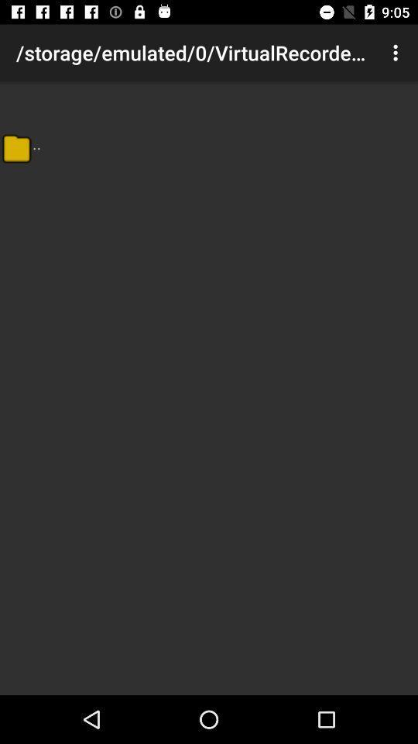 This screenshot has height=744, width=418. Describe the element at coordinates (15, 148) in the screenshot. I see `the item below the storage emulated 0 item` at that location.